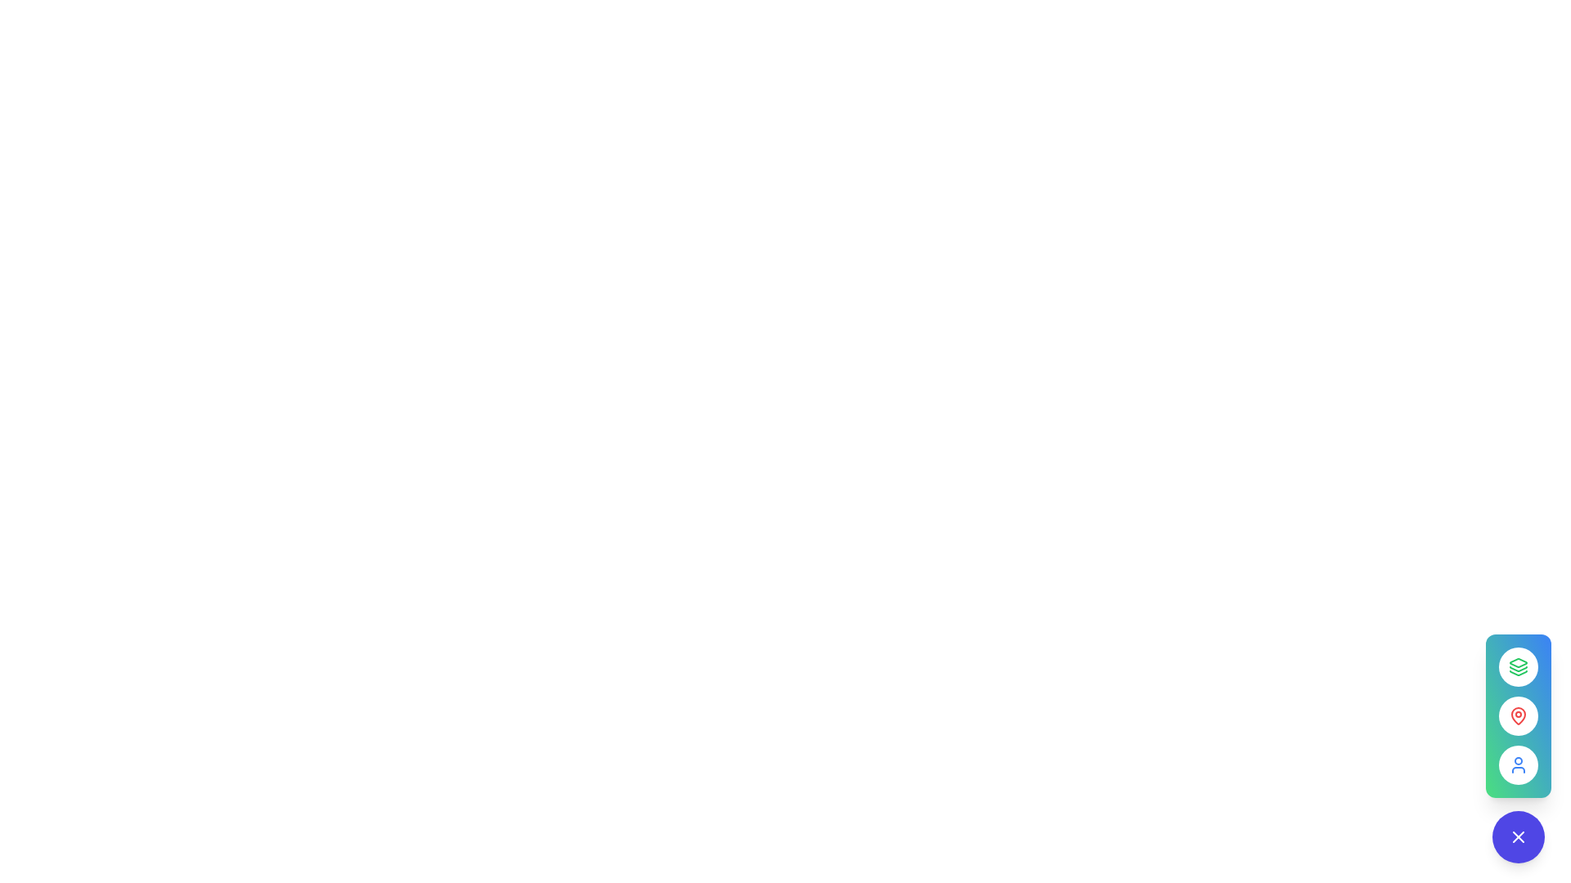  Describe the element at coordinates (1518, 836) in the screenshot. I see `the icon button that resembles a white 'X' on a circular purple background located at the bottom-right corner of the interface` at that location.